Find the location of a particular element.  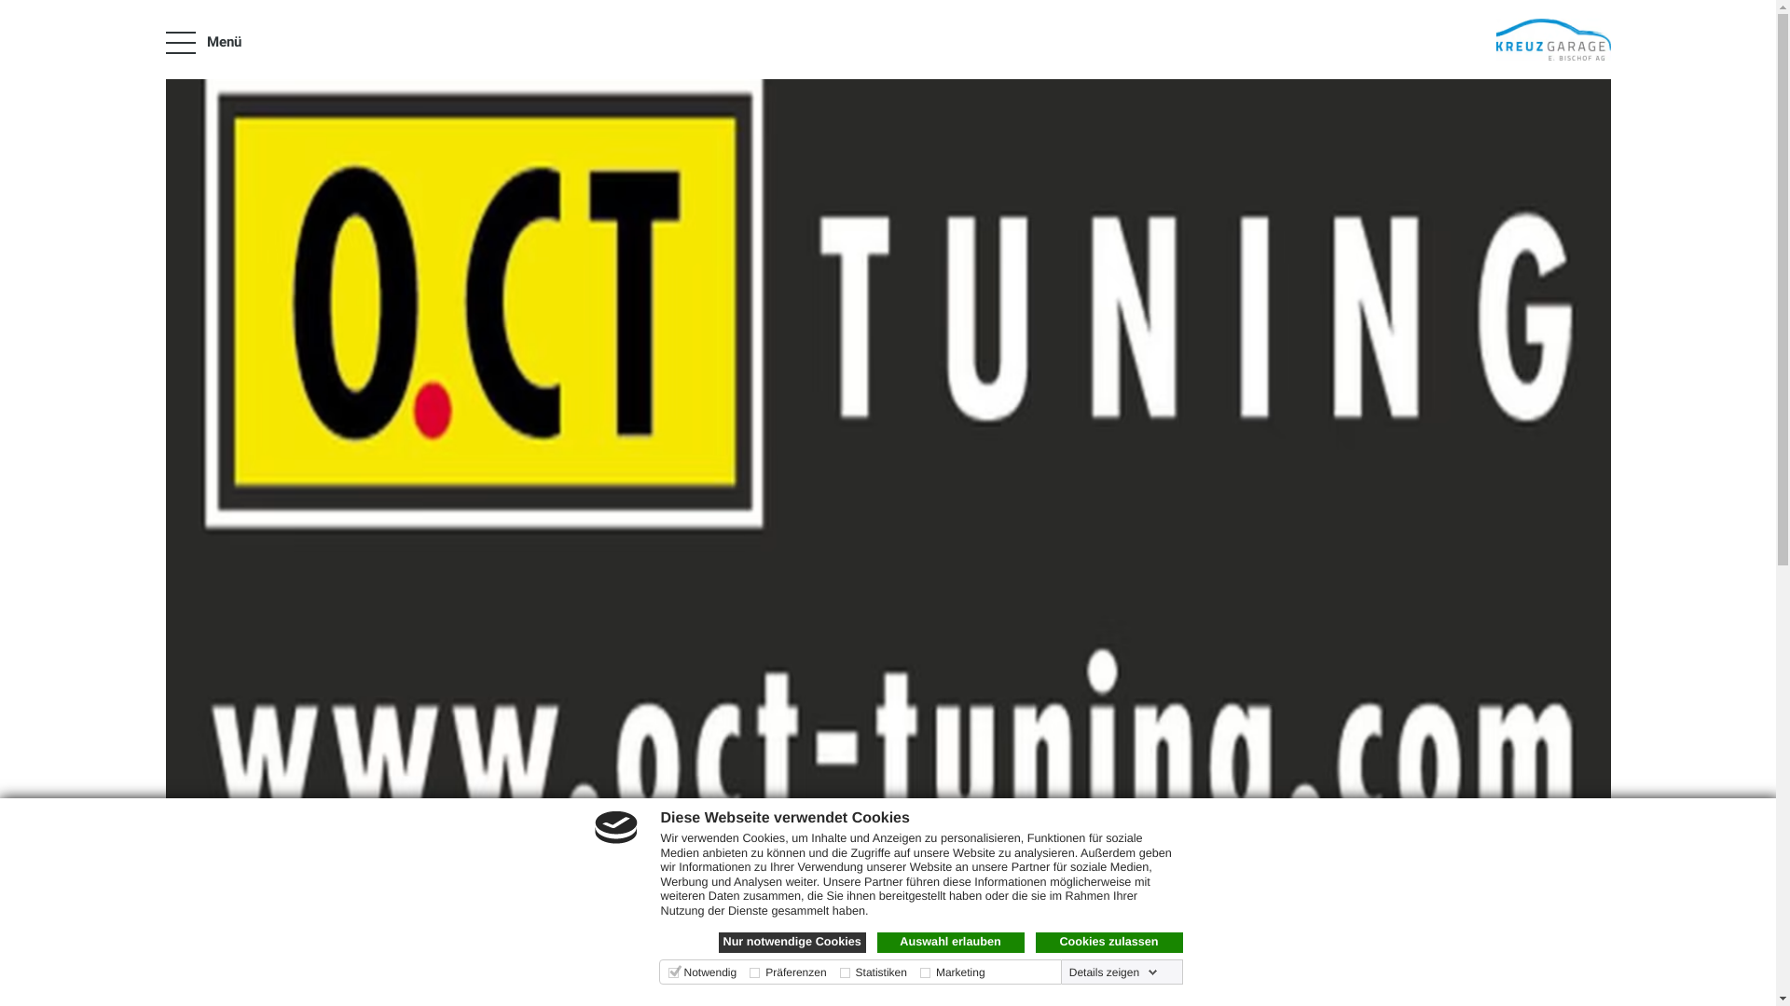

'Cookies zulassen' is located at coordinates (1108, 942).